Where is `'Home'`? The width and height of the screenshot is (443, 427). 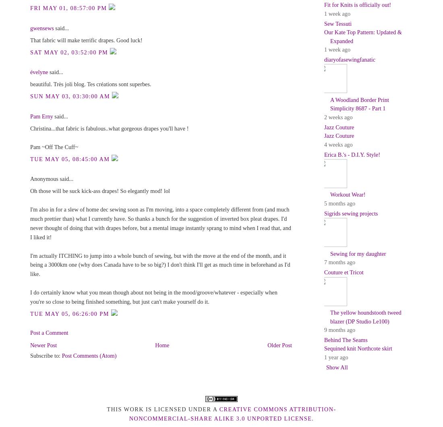
'Home' is located at coordinates (162, 344).